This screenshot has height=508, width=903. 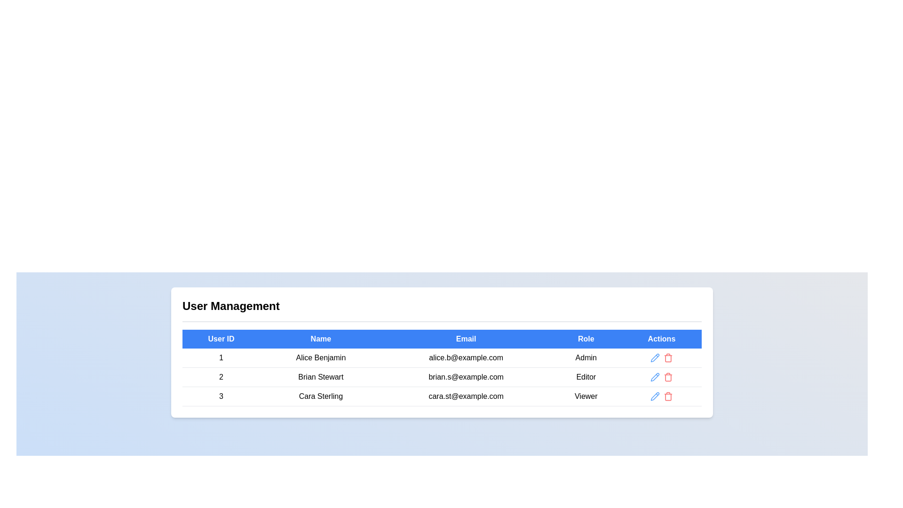 What do you see at coordinates (466, 377) in the screenshot?
I see `the static text element displaying the email address of the user 'Brian Stewart' in the User Management table, located in the third cell of the second row` at bounding box center [466, 377].